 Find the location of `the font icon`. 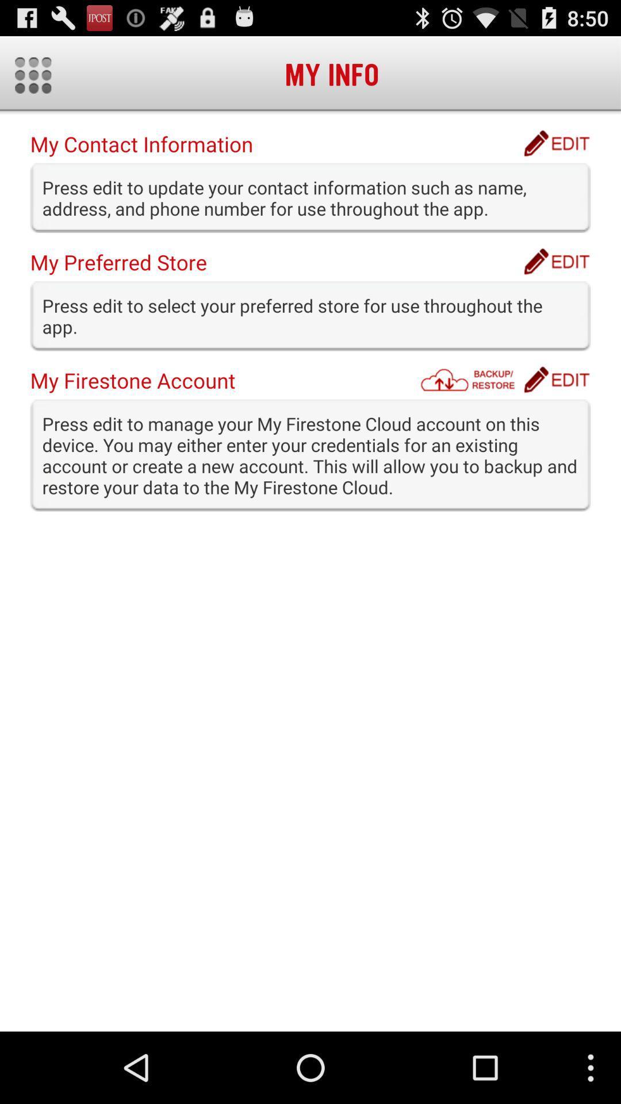

the font icon is located at coordinates (556, 279).